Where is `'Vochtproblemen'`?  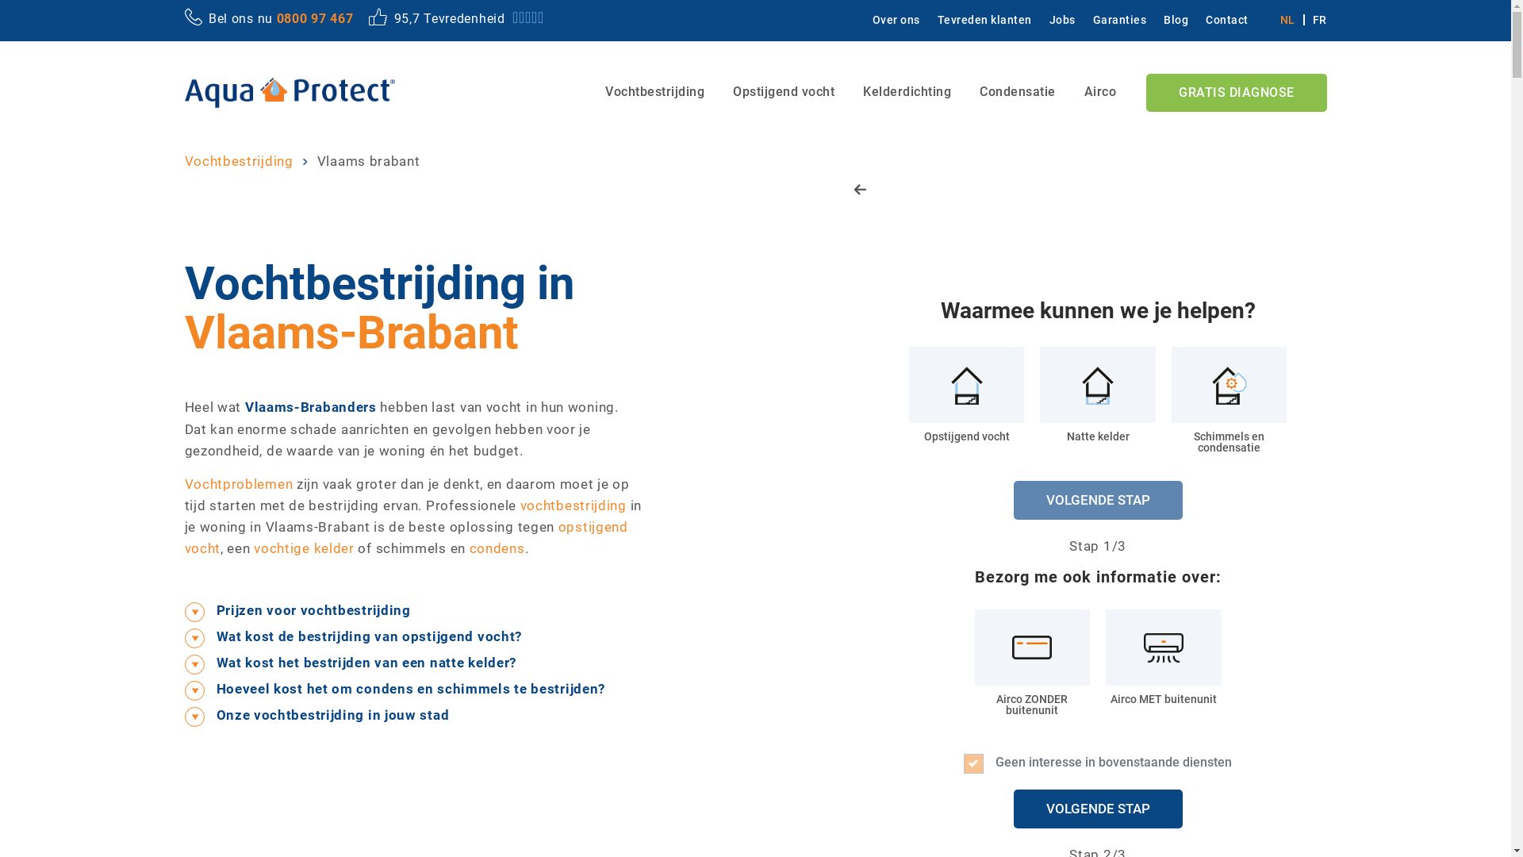
'Vochtproblemen' is located at coordinates (237, 482).